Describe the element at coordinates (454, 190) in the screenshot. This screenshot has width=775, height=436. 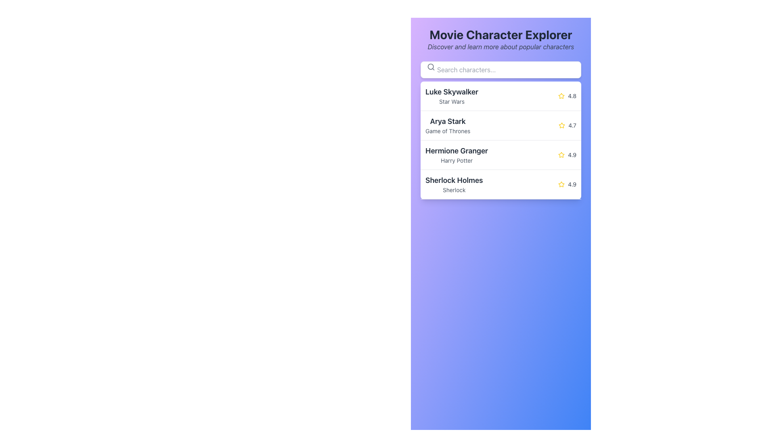
I see `the text element that provides additional context or a subtitle to 'Sherlock Holmes,' positioned directly below it in the fourth row of the list` at that location.